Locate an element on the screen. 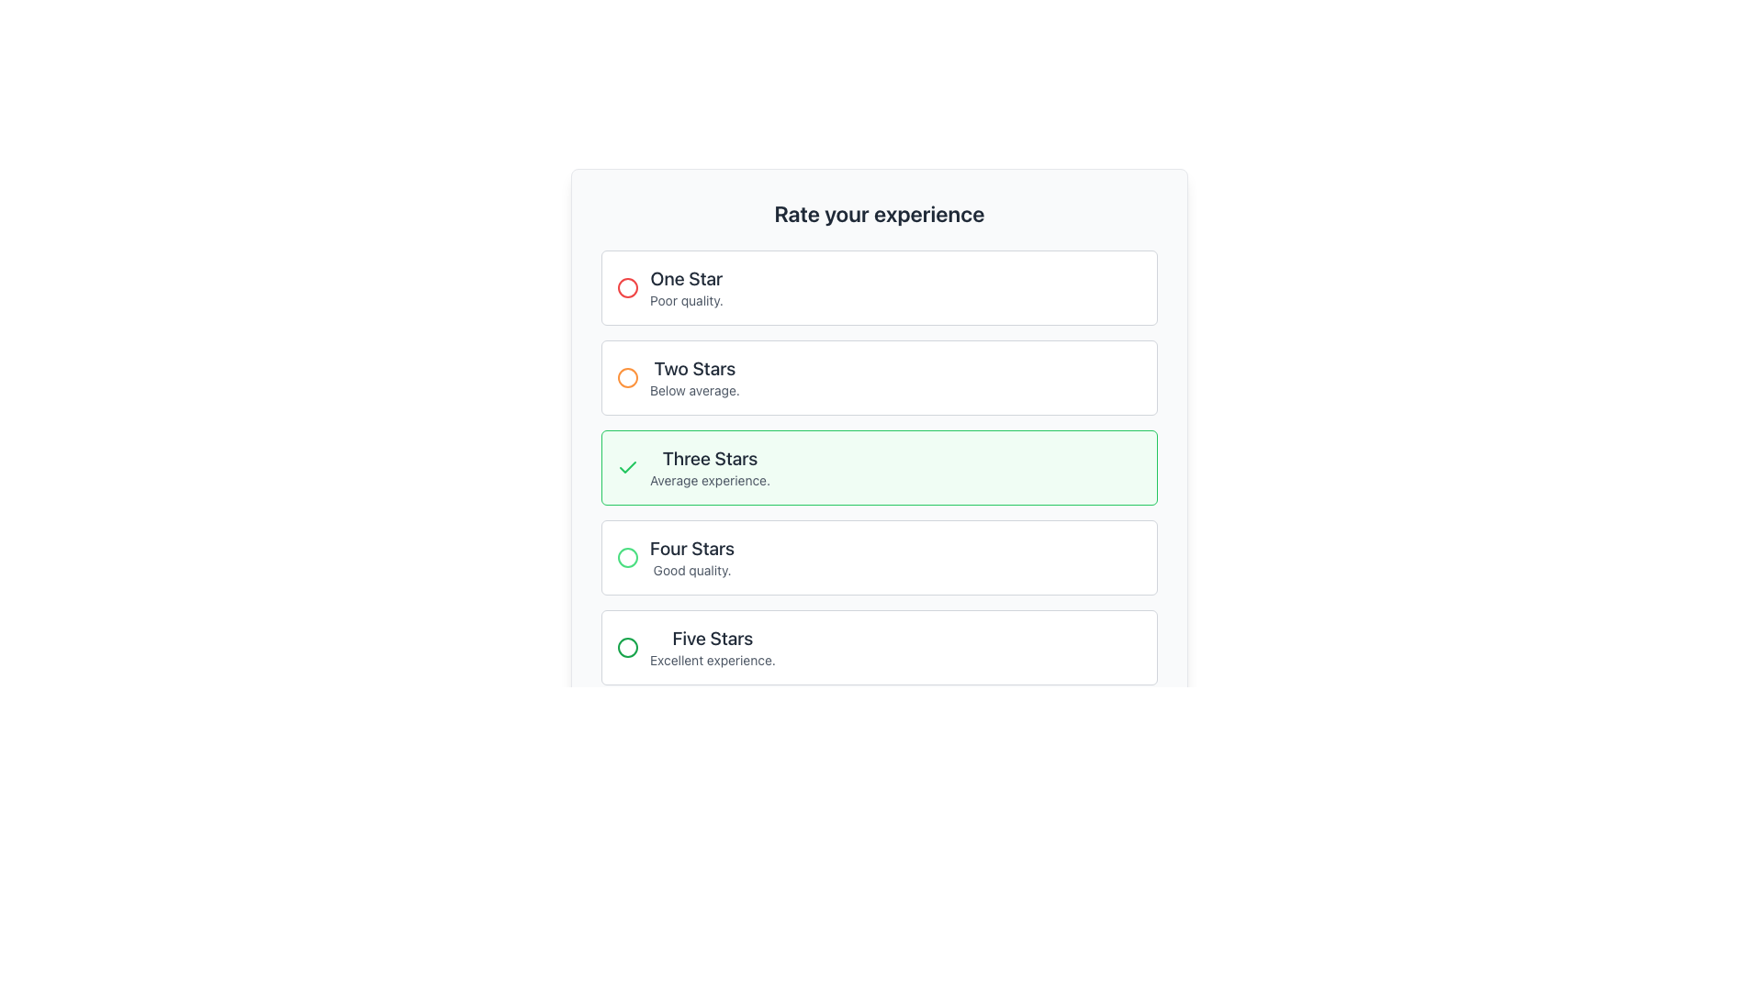  the Text Label that displays 'Five Stars' and 'Excellent experience.' located in the bottom section of the vertically arranged list is located at coordinates (712, 646).